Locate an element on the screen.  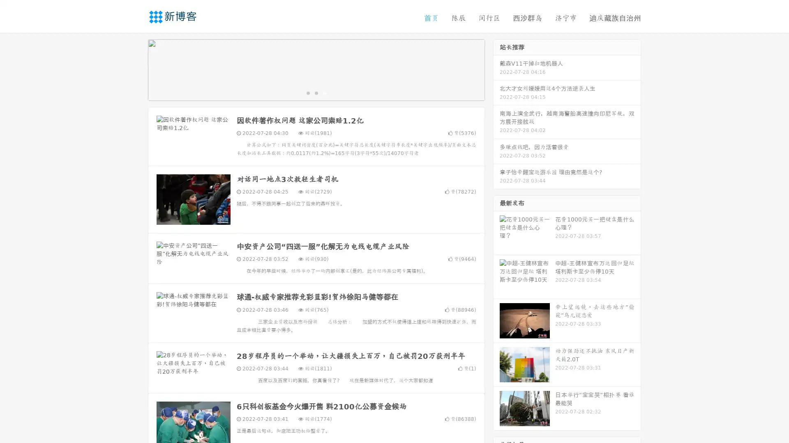
Previous slide is located at coordinates (136, 69).